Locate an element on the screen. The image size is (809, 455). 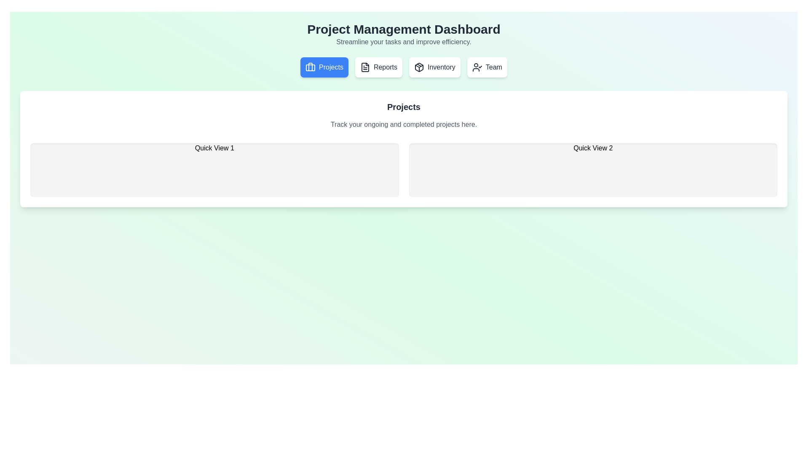
the 'Inventory' icon, which is the first subcomponent of the 'Inventory' button located beneath the dashboard header is located at coordinates (419, 67).